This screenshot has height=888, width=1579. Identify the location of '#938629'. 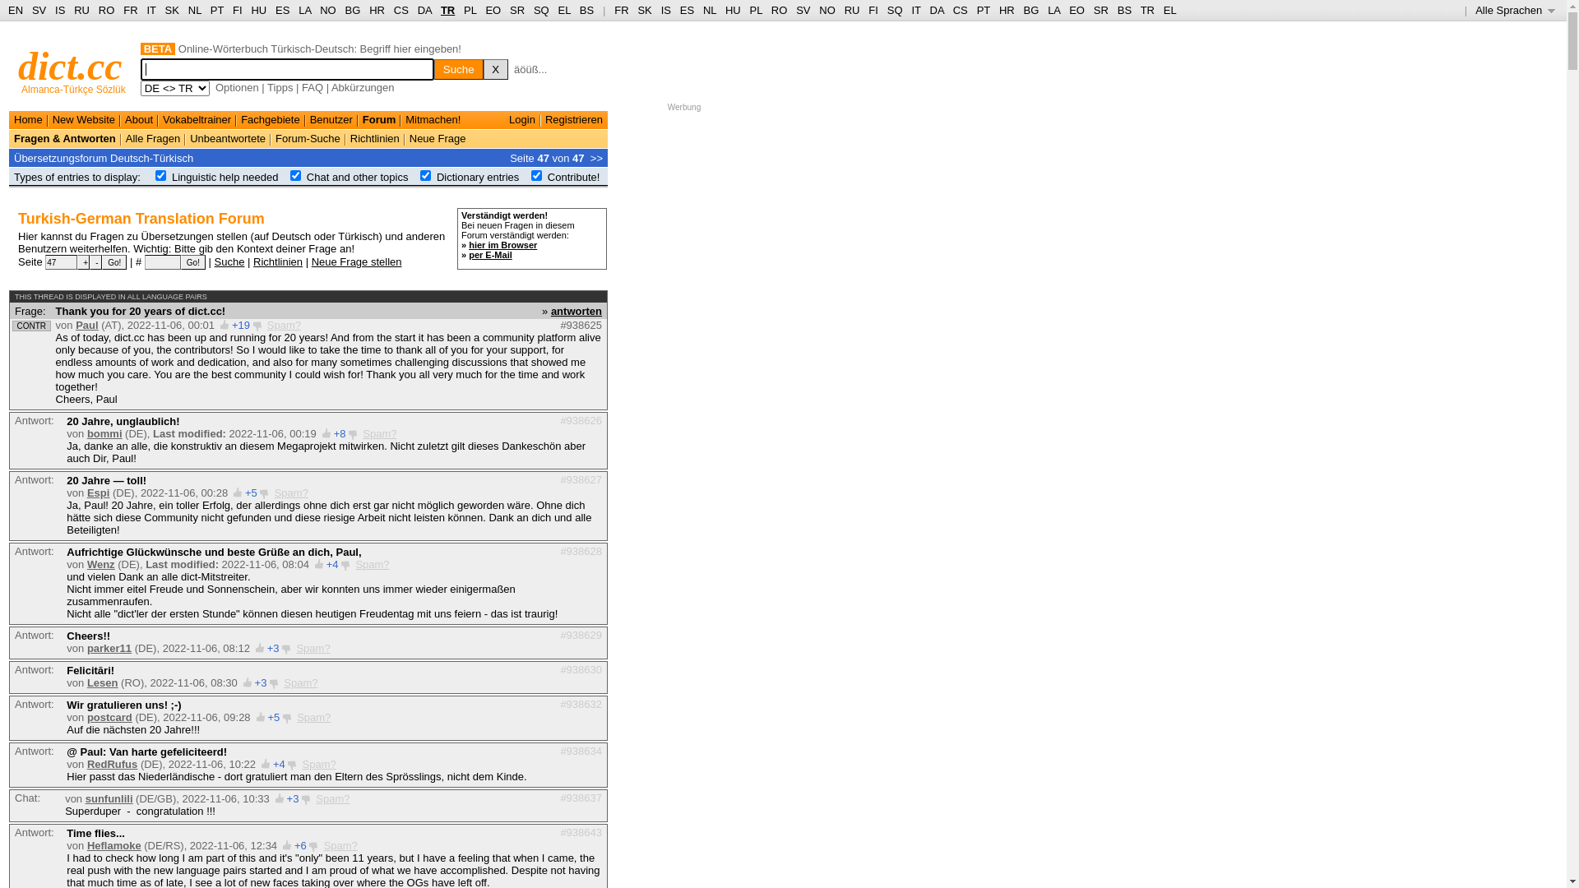
(581, 633).